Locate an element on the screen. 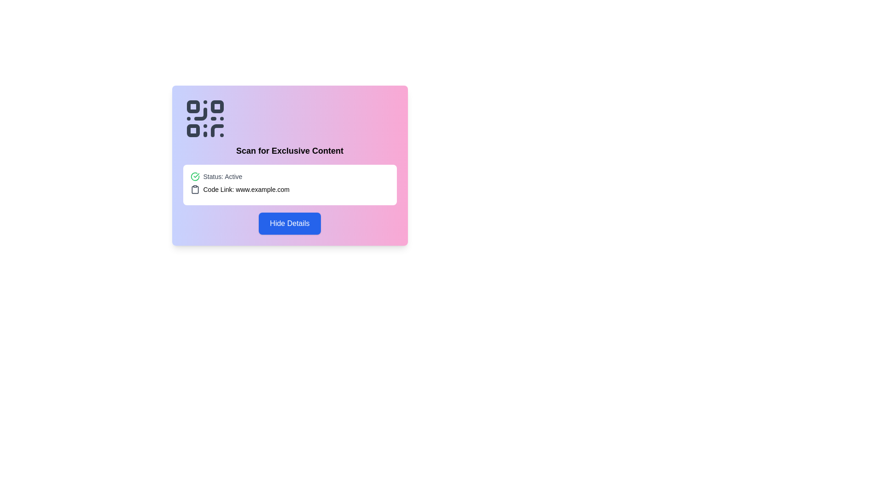 The image size is (884, 497). text label that provides instructions for scanning the QR code for exclusive content, located below the QR code icon is located at coordinates (289, 150).